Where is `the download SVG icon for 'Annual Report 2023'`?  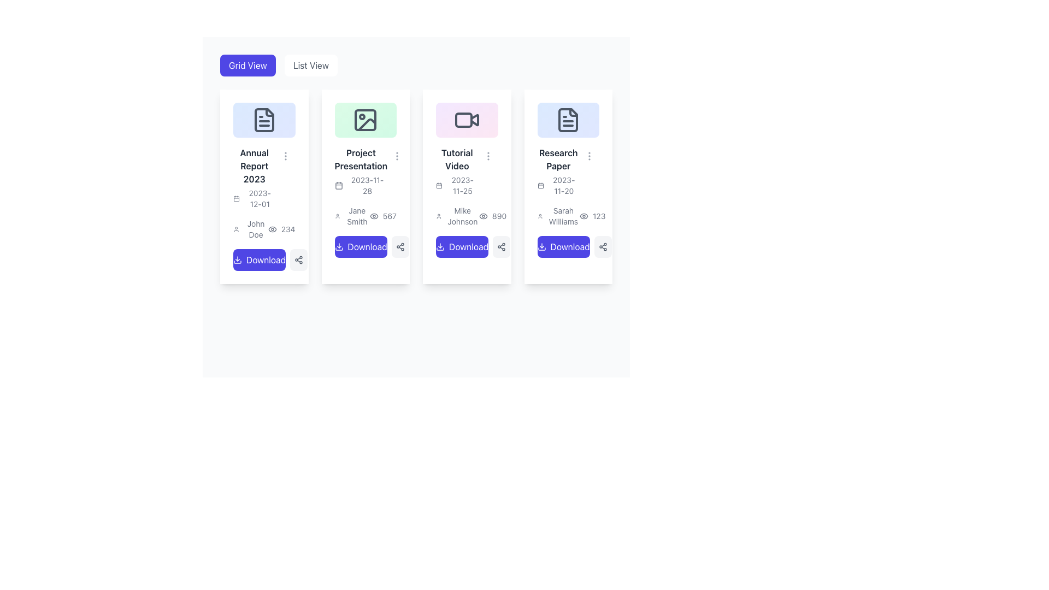 the download SVG icon for 'Annual Report 2023' is located at coordinates (237, 259).